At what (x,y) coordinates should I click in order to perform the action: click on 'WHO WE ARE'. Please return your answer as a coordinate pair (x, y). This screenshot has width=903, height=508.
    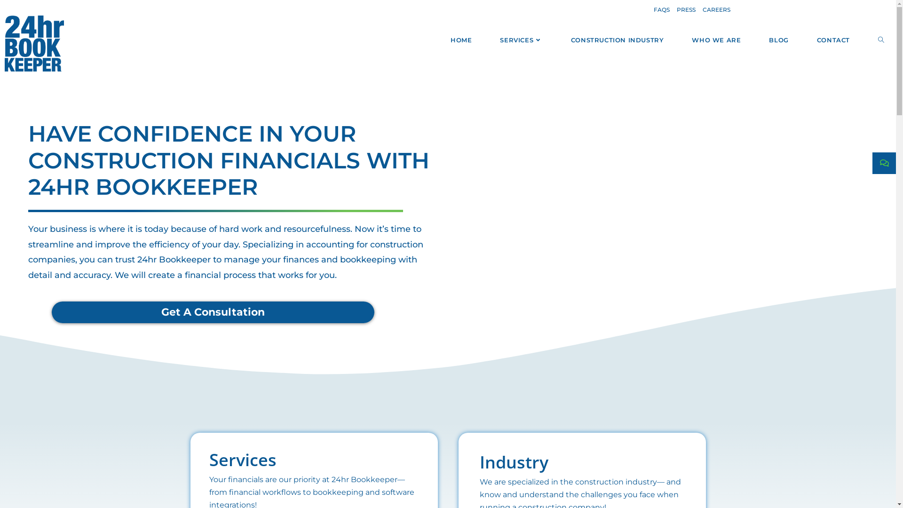
    Looking at the image, I should click on (715, 39).